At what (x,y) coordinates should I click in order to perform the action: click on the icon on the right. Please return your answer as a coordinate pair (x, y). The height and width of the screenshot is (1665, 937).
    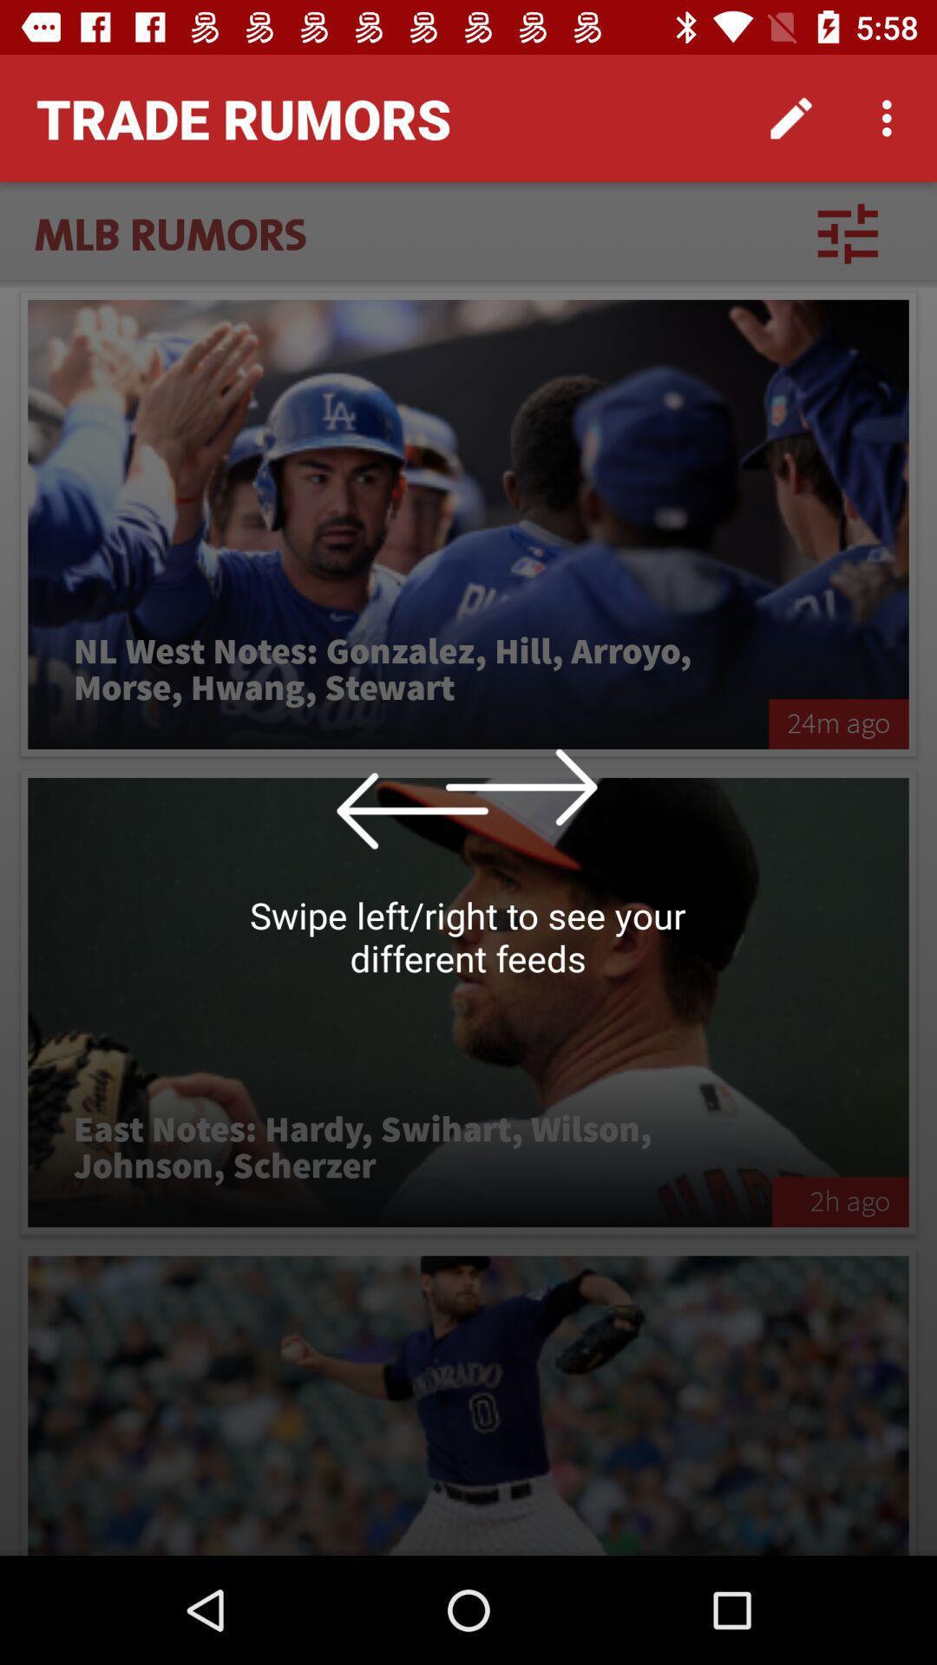
    Looking at the image, I should click on (838, 724).